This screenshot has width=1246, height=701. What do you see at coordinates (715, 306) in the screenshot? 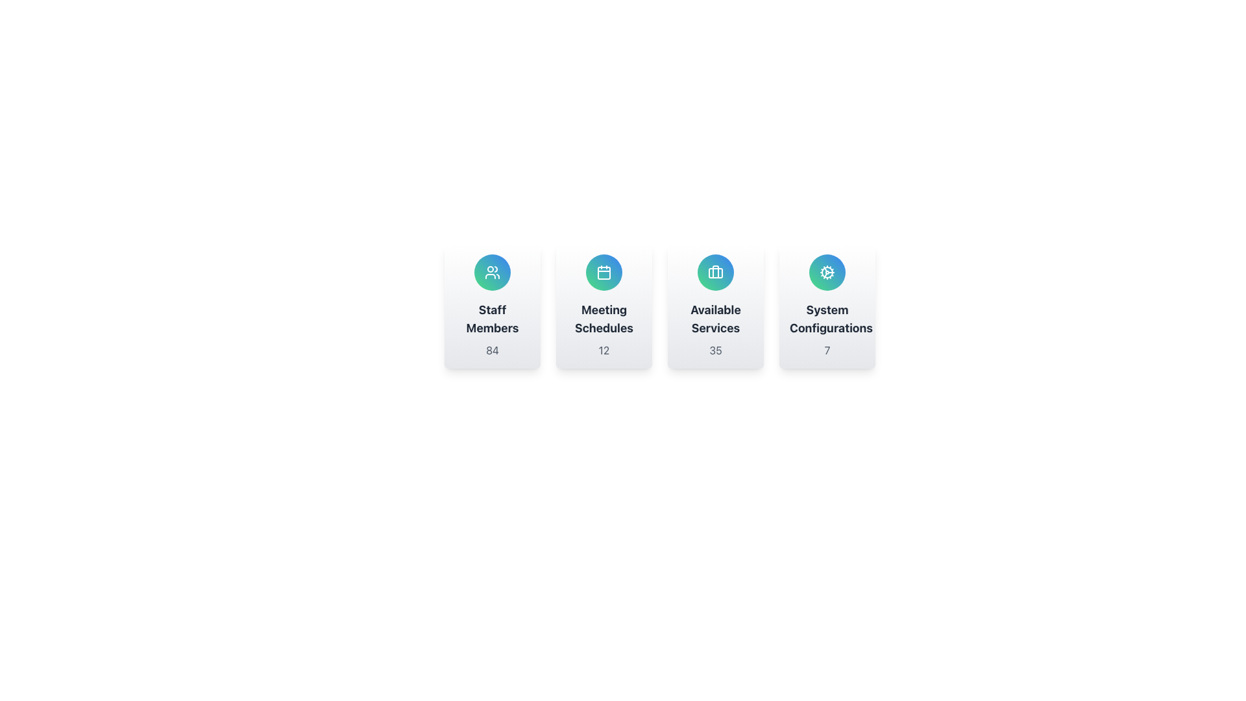
I see `the third card in a horizontal row of four cards, which features a gradient background and includes a briefcase icon at the top with the text 'Available Services'` at bounding box center [715, 306].